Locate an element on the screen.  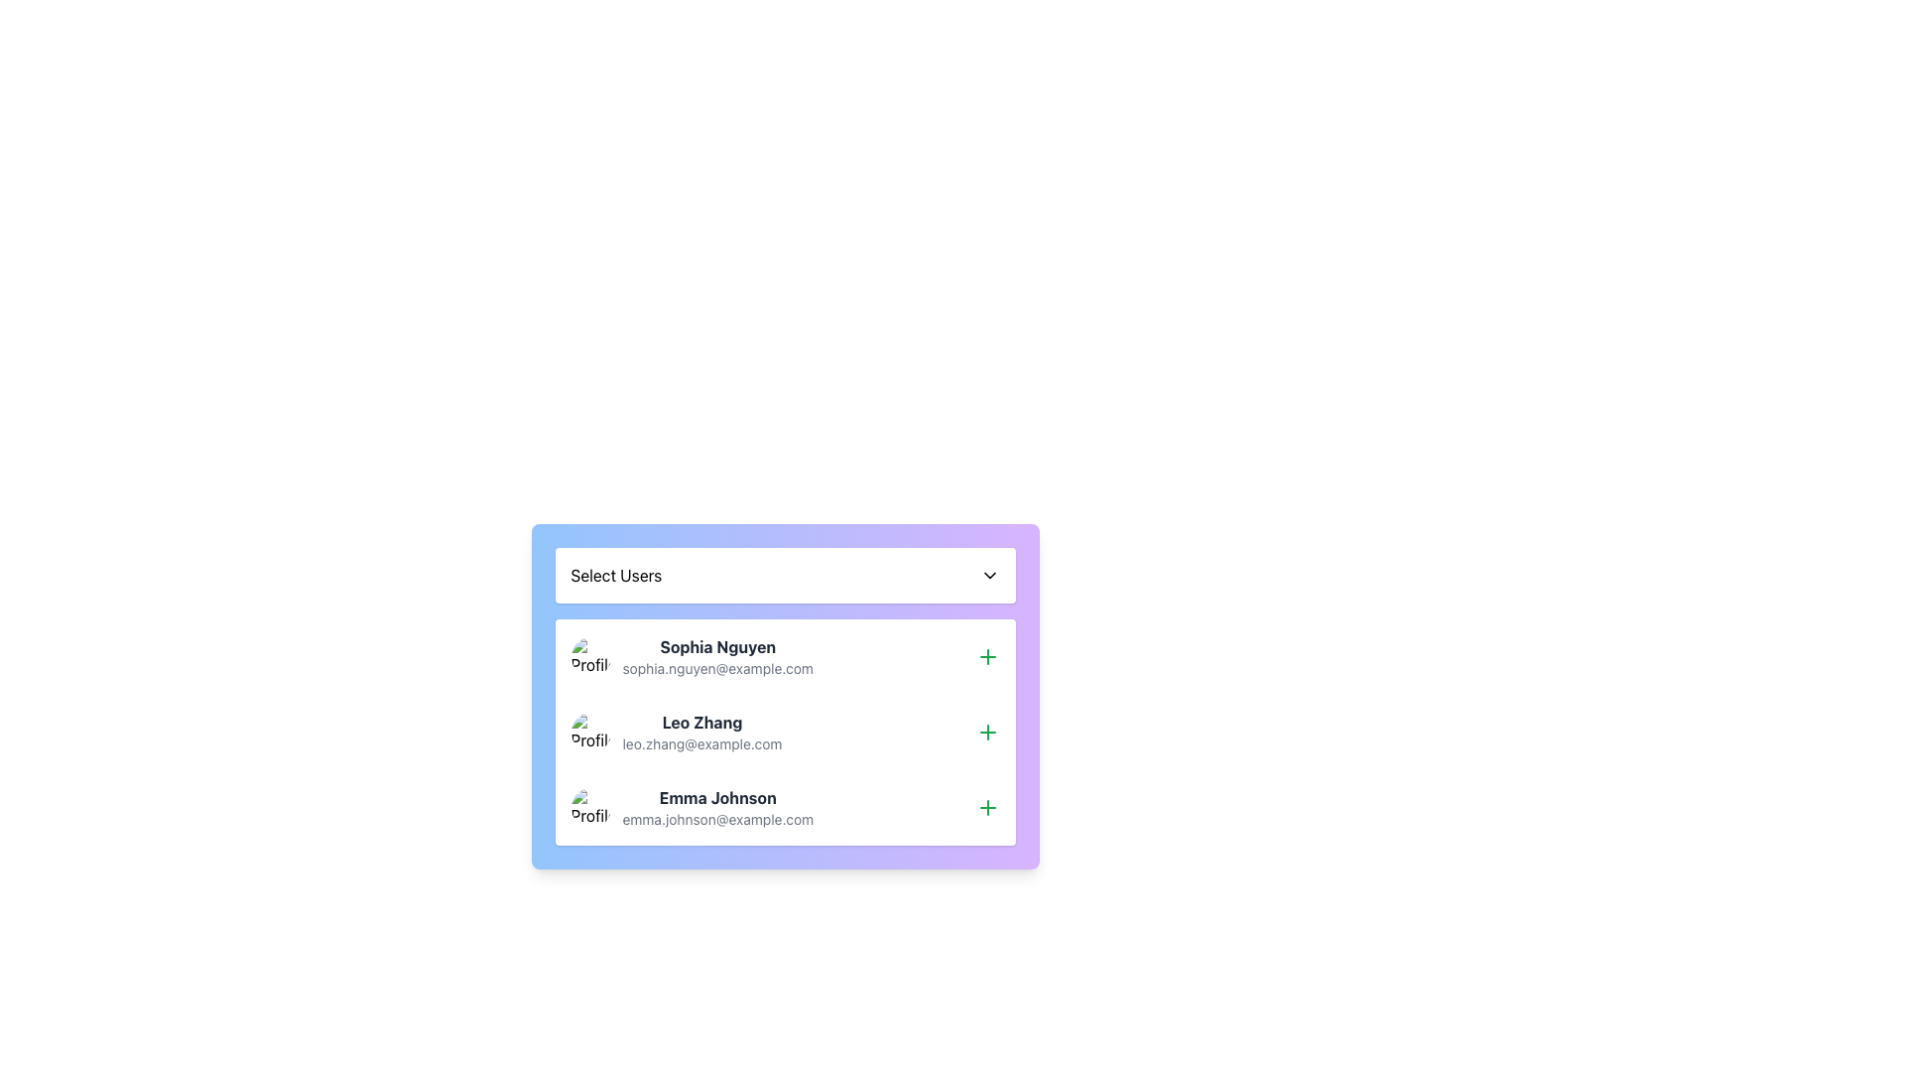
user's name 'Sophia Nguyen' and email details from the first list item in the 'Select Users' section is located at coordinates (784, 657).